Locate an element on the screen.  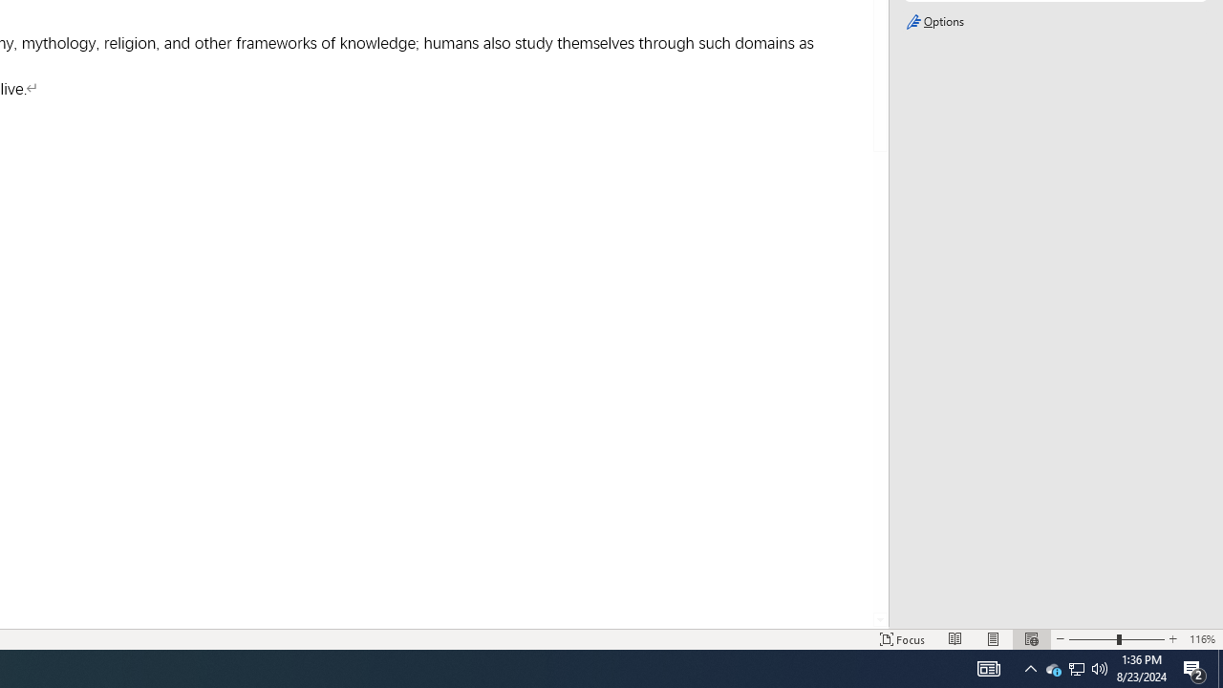
'Zoom 116%' is located at coordinates (1201, 639).